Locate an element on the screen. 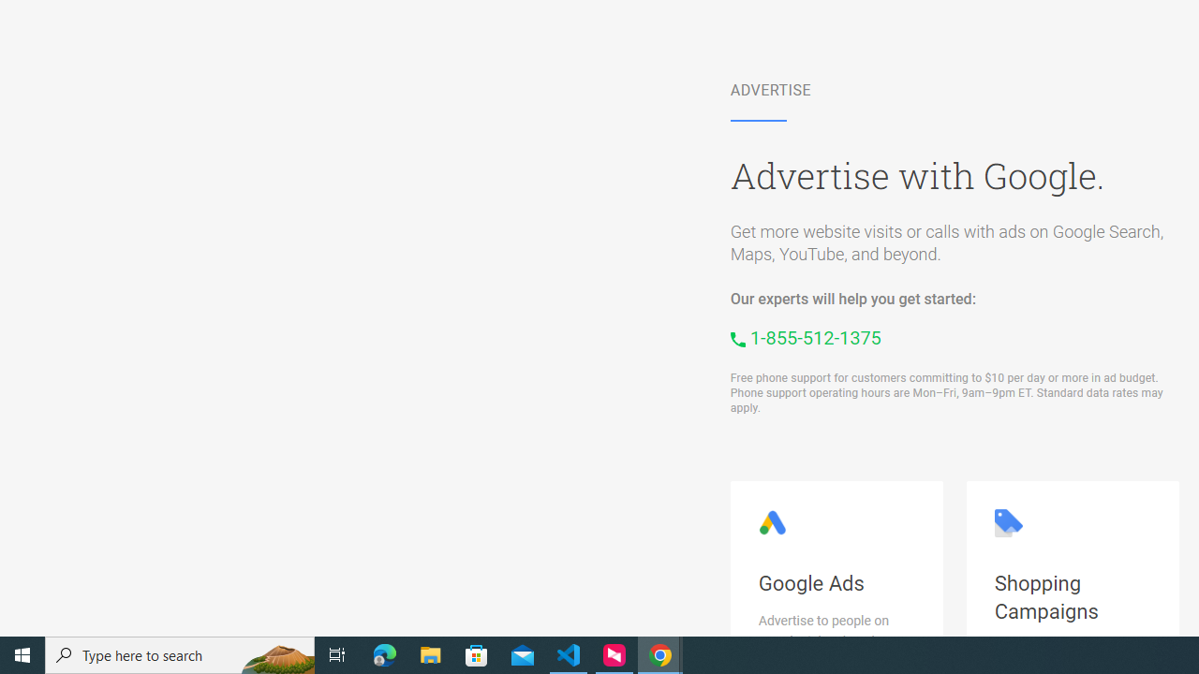 The width and height of the screenshot is (1199, 674). 'Google Ads logo' is located at coordinates (772, 523).